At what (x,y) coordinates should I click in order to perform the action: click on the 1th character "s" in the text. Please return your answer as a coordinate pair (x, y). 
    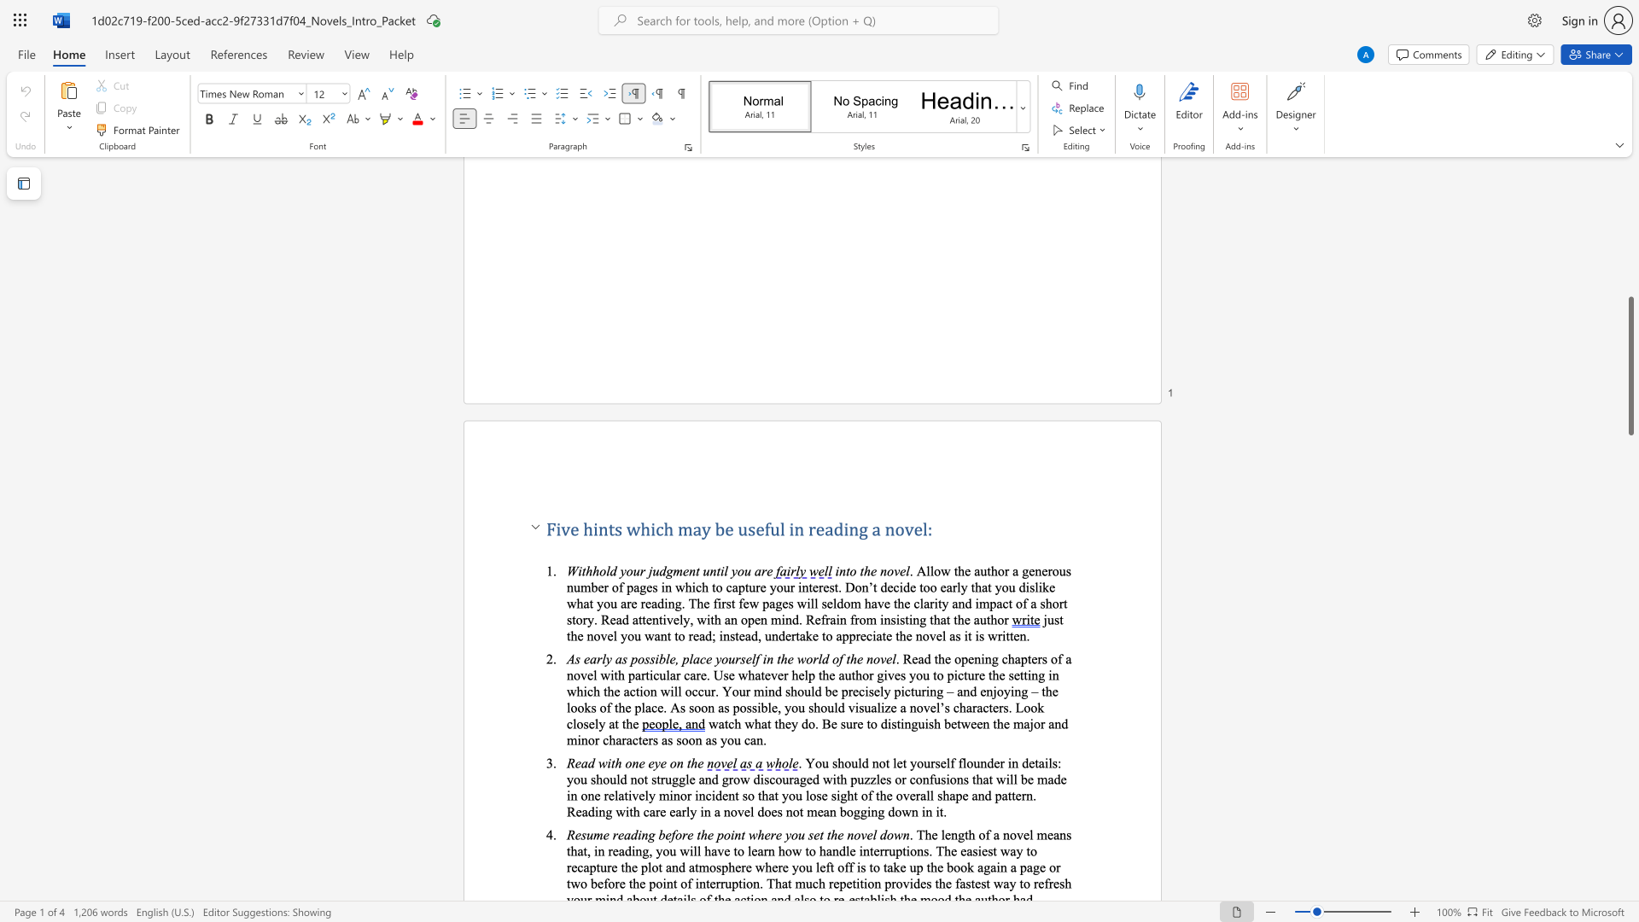
    Looking at the image, I should click on (617, 528).